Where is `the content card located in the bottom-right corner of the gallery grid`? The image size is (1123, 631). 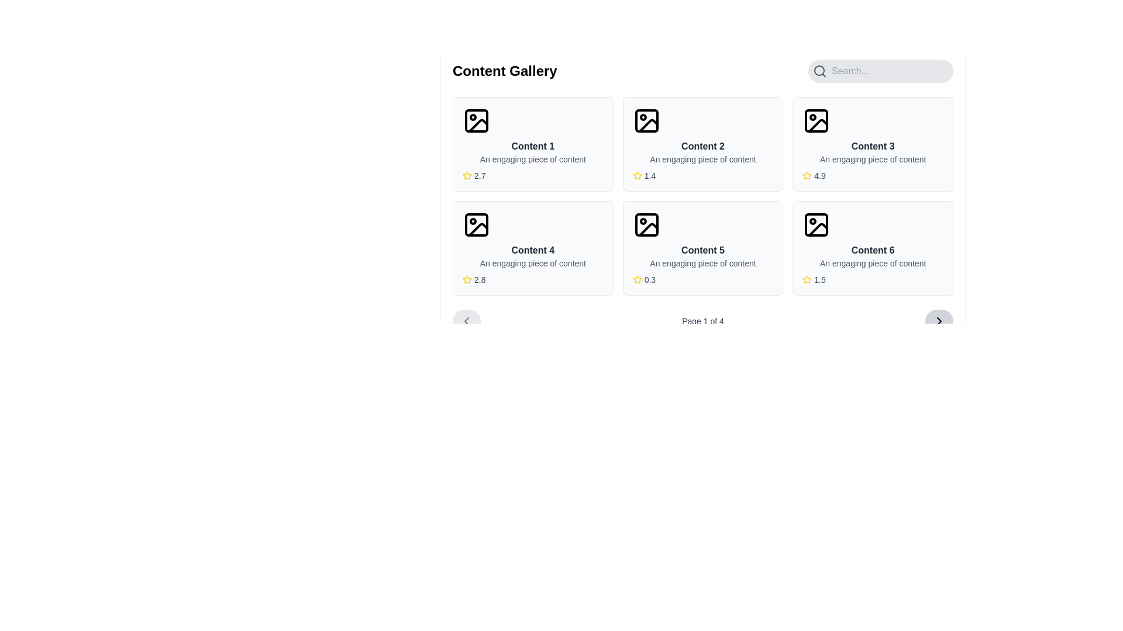 the content card located in the bottom-right corner of the gallery grid is located at coordinates (873, 247).